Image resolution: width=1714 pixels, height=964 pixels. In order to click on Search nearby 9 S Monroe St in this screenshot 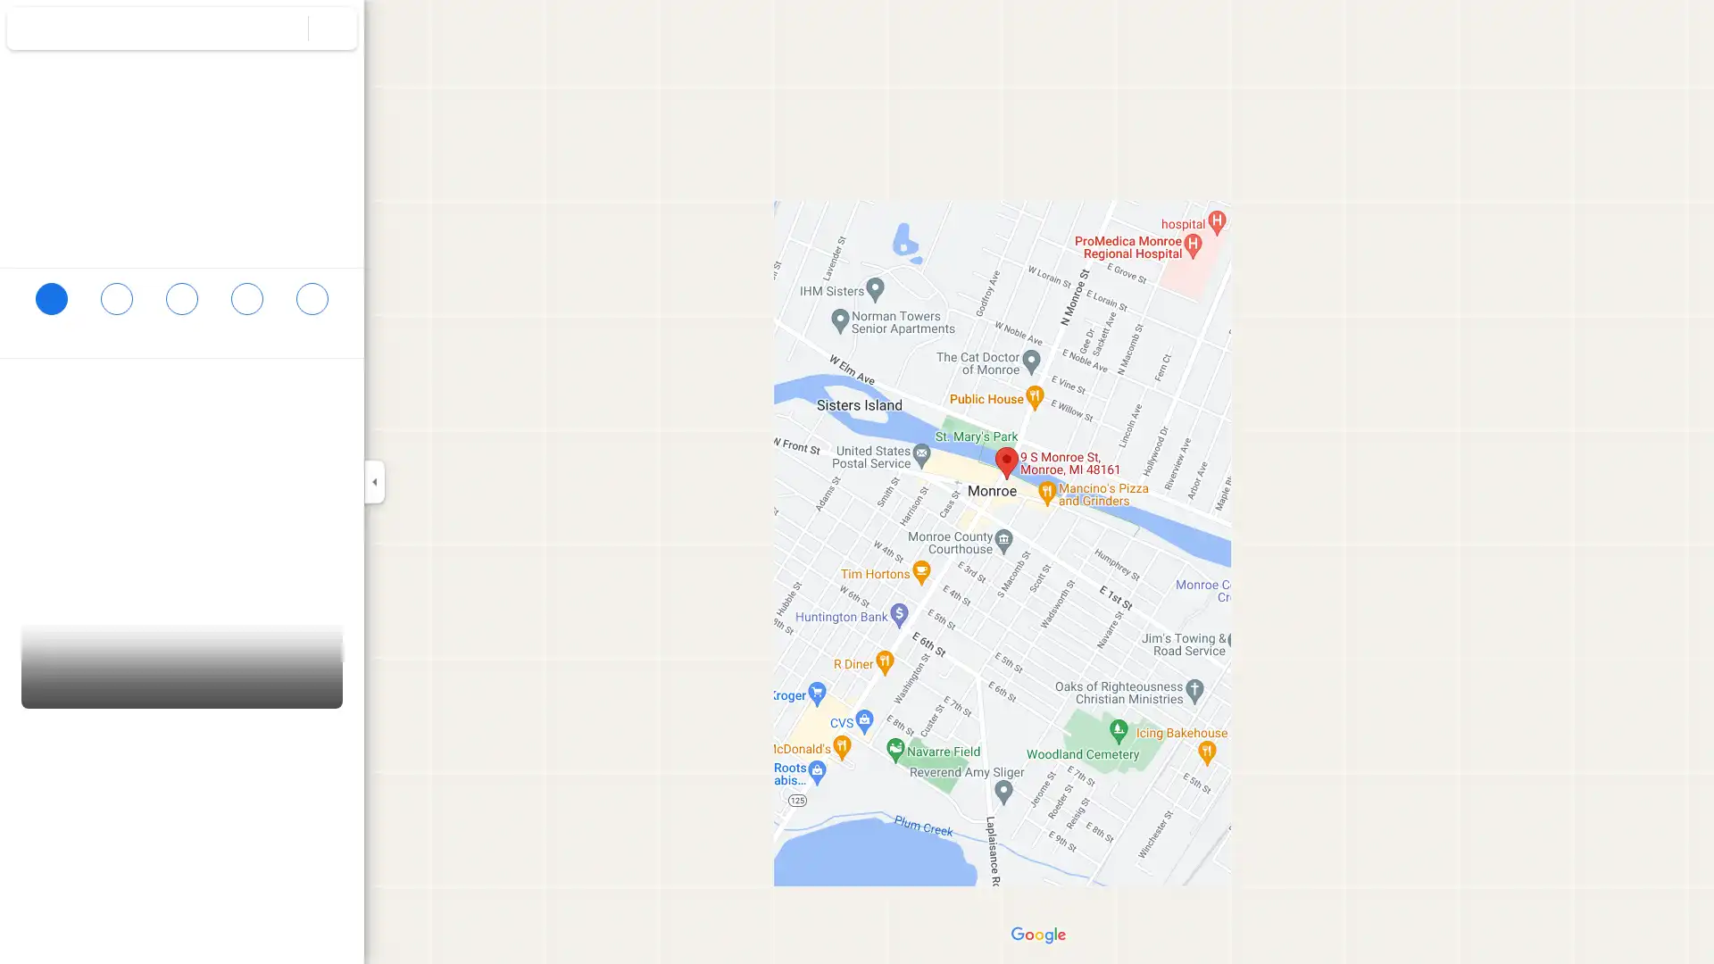, I will do `click(181, 305)`.